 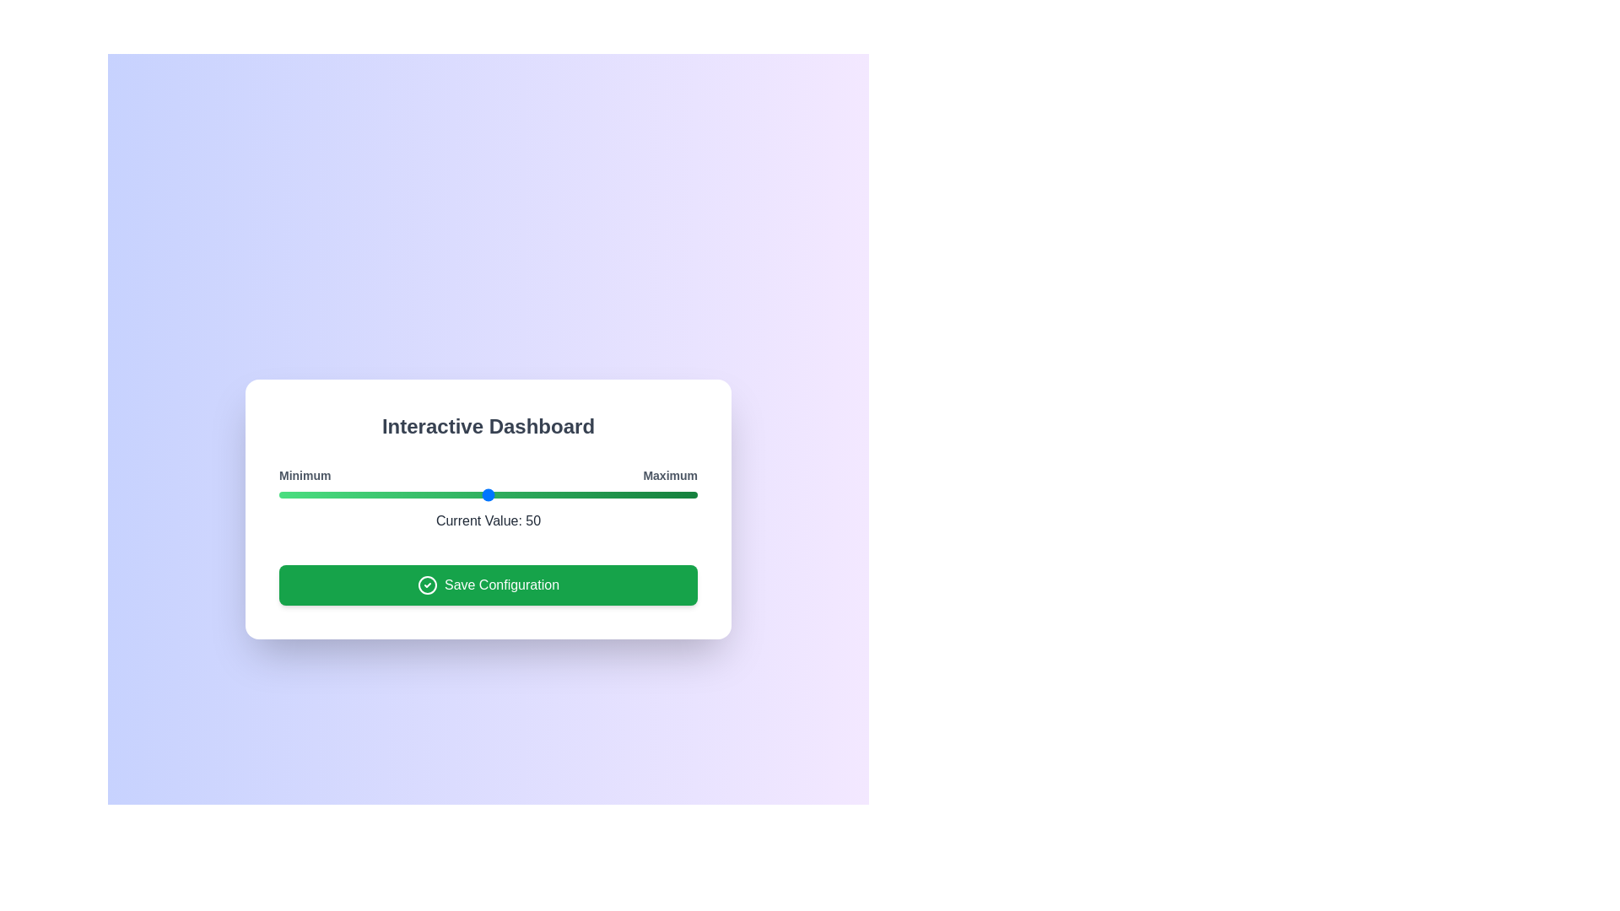 I want to click on the slider to set the value to 77, so click(x=601, y=493).